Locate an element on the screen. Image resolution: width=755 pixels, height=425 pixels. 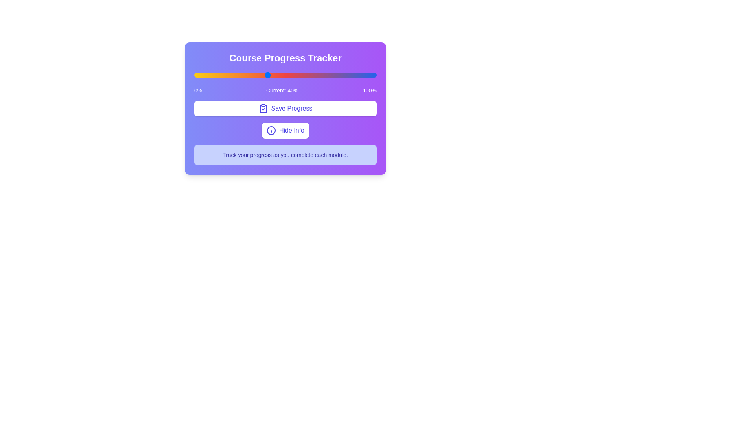
the course progress is located at coordinates (252, 75).